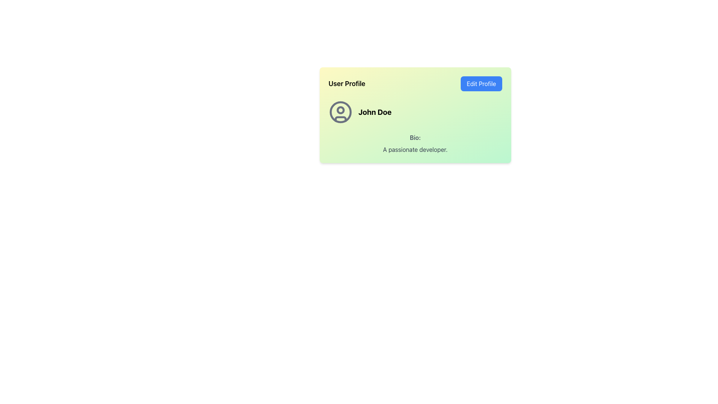  Describe the element at coordinates (375, 112) in the screenshot. I see `the text label displaying 'John Doe' which is in bold and slightly larger font, located adjacent to a user icon within the user profile panel` at that location.